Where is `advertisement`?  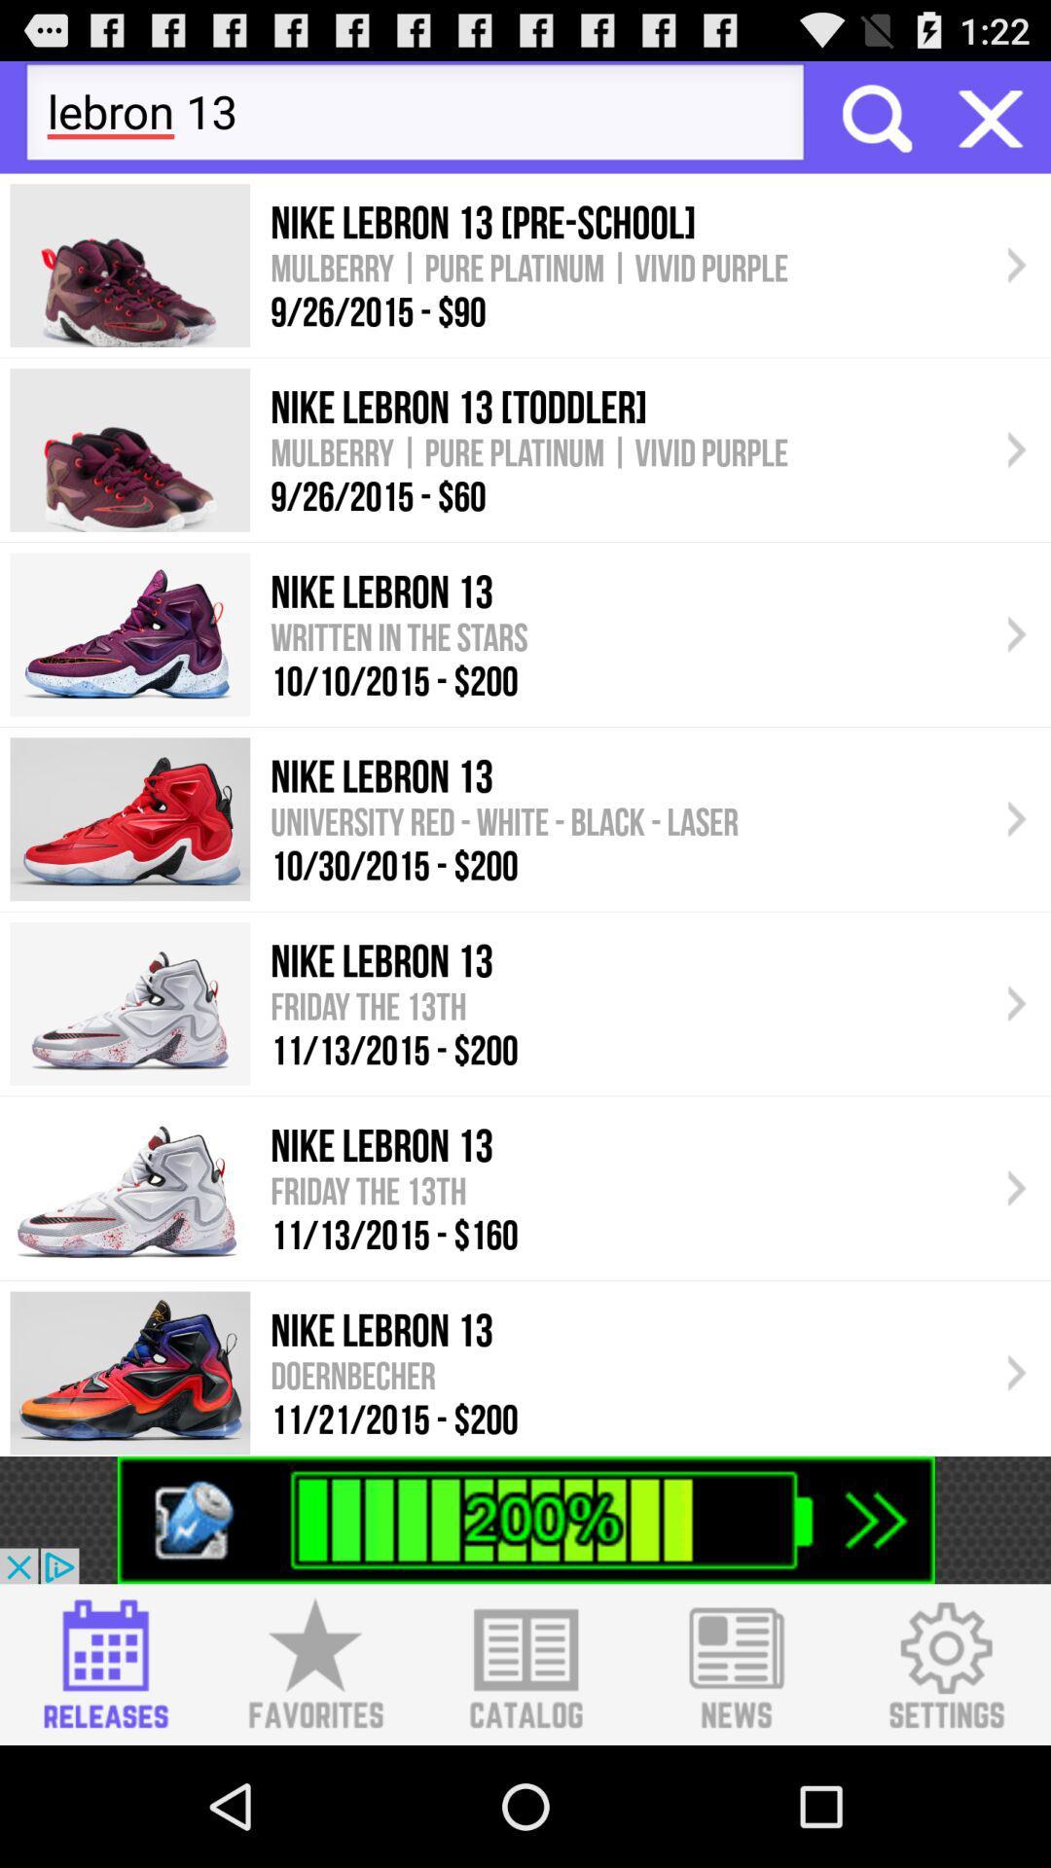
advertisement is located at coordinates (525, 1519).